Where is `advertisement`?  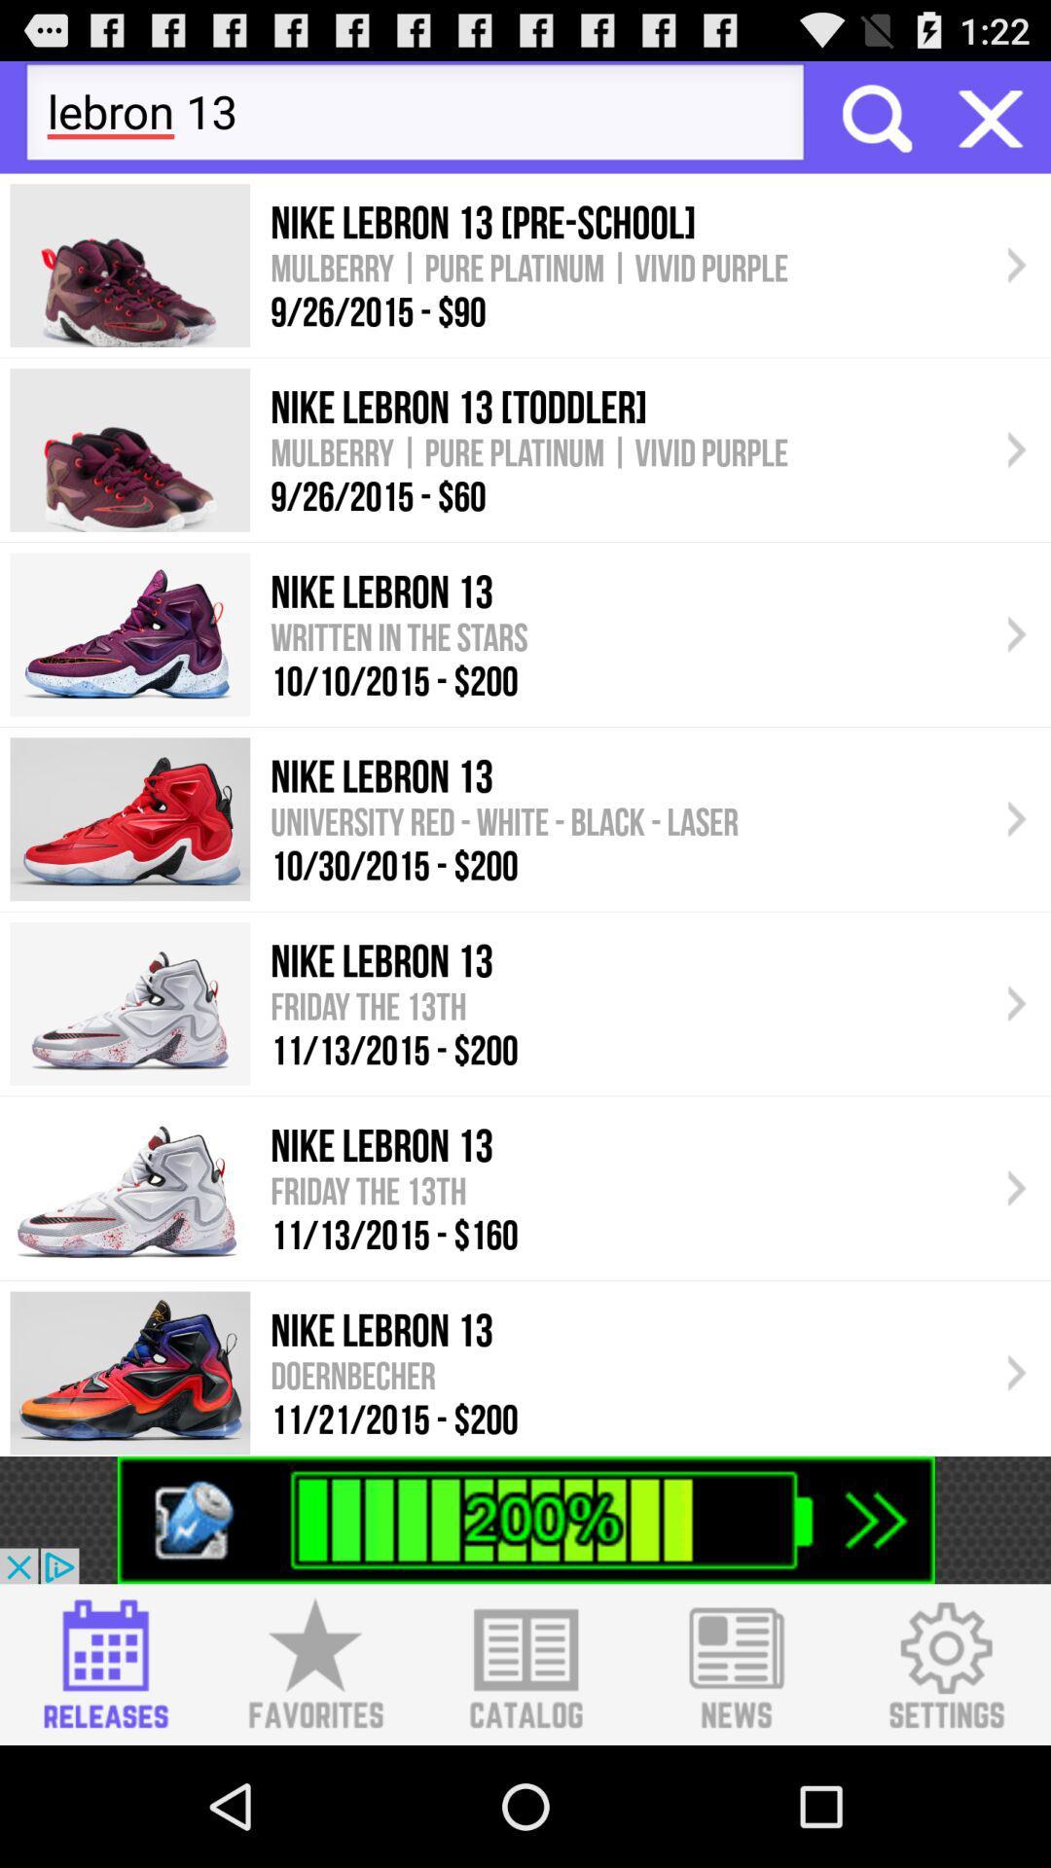
advertisement is located at coordinates (525, 1519).